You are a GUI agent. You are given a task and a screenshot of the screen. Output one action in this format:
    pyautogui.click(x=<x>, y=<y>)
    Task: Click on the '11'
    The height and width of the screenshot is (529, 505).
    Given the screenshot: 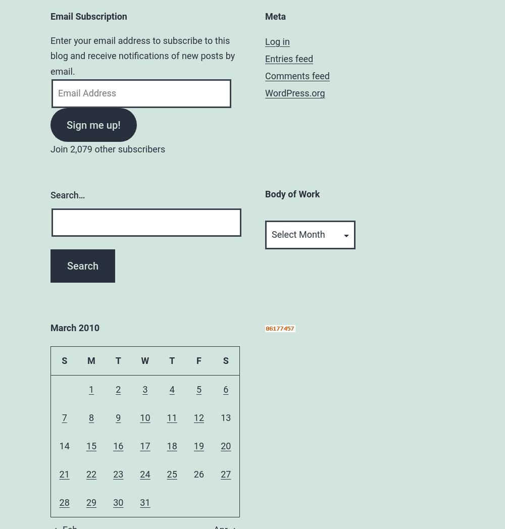 What is the action you would take?
    pyautogui.click(x=171, y=416)
    